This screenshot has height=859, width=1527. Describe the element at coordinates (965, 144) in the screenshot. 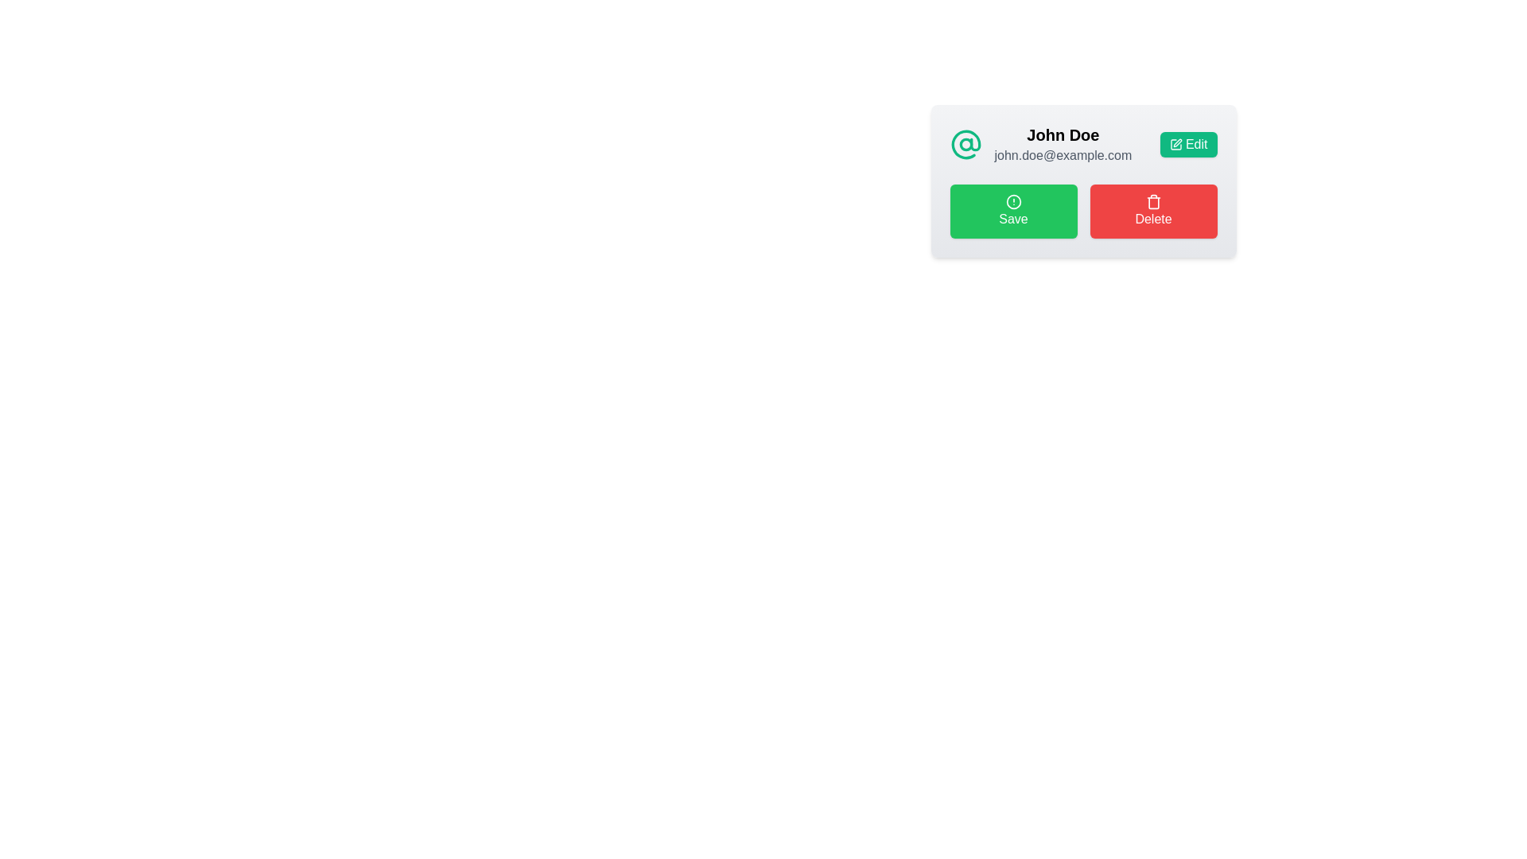

I see `the icon positioned to the left of the name 'John Doe' and the email in the upper row of the profile card` at that location.